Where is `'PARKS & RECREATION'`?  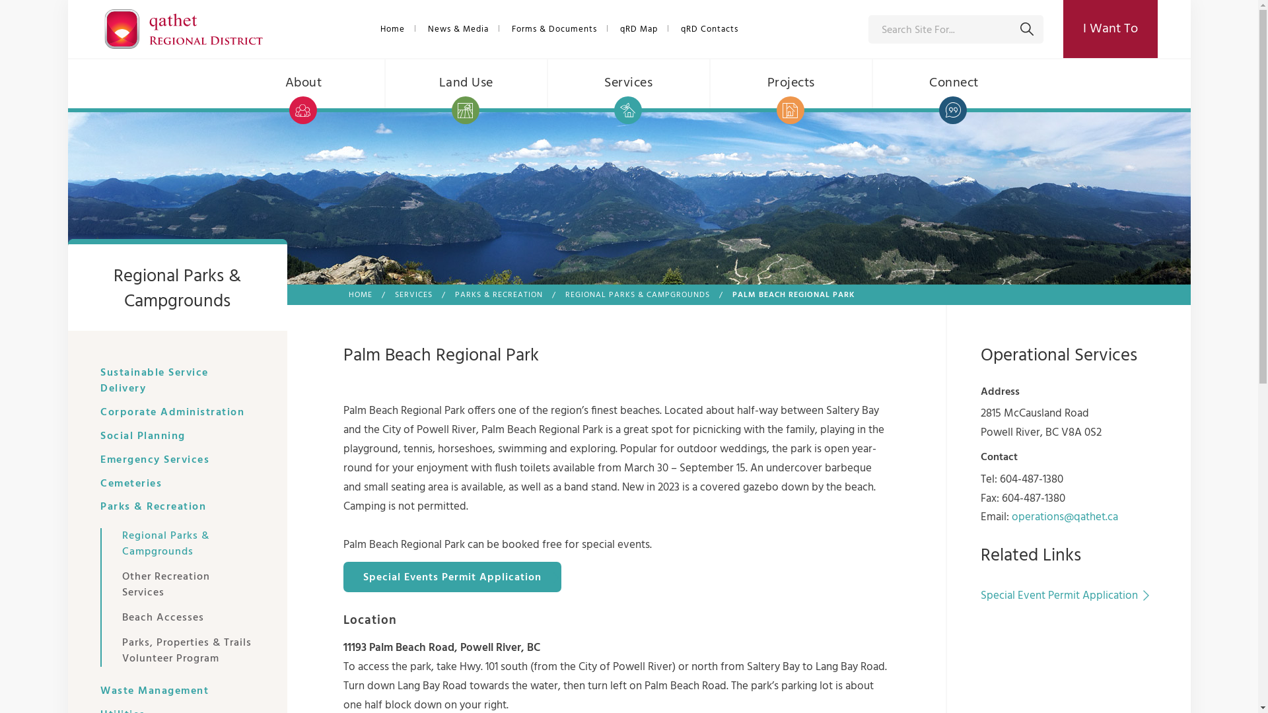 'PARKS & RECREATION' is located at coordinates (497, 294).